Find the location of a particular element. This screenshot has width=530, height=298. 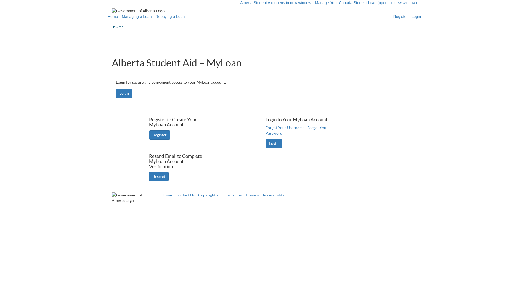

'Managing a Loan' is located at coordinates (136, 16).